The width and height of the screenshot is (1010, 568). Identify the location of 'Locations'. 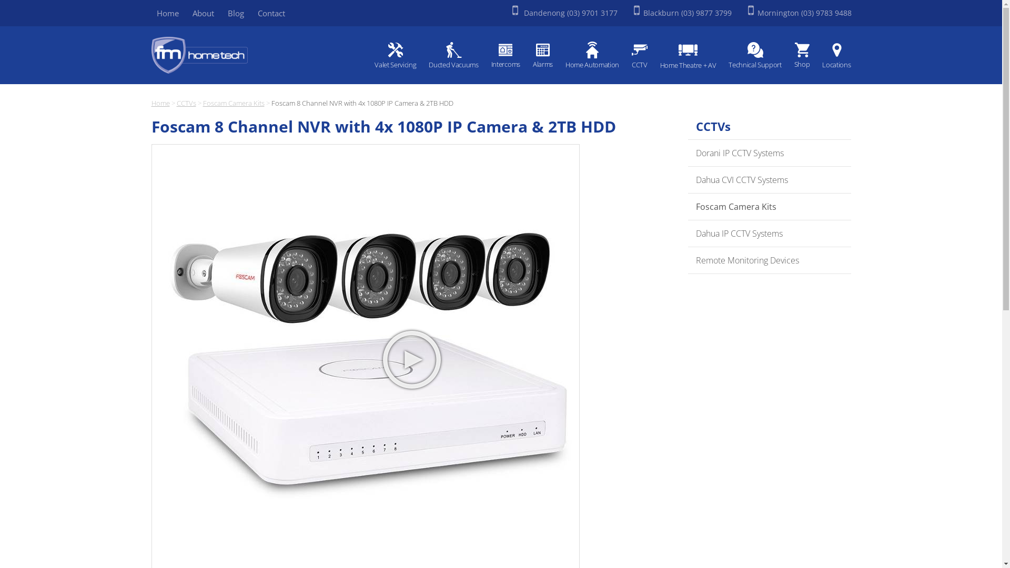
(833, 56).